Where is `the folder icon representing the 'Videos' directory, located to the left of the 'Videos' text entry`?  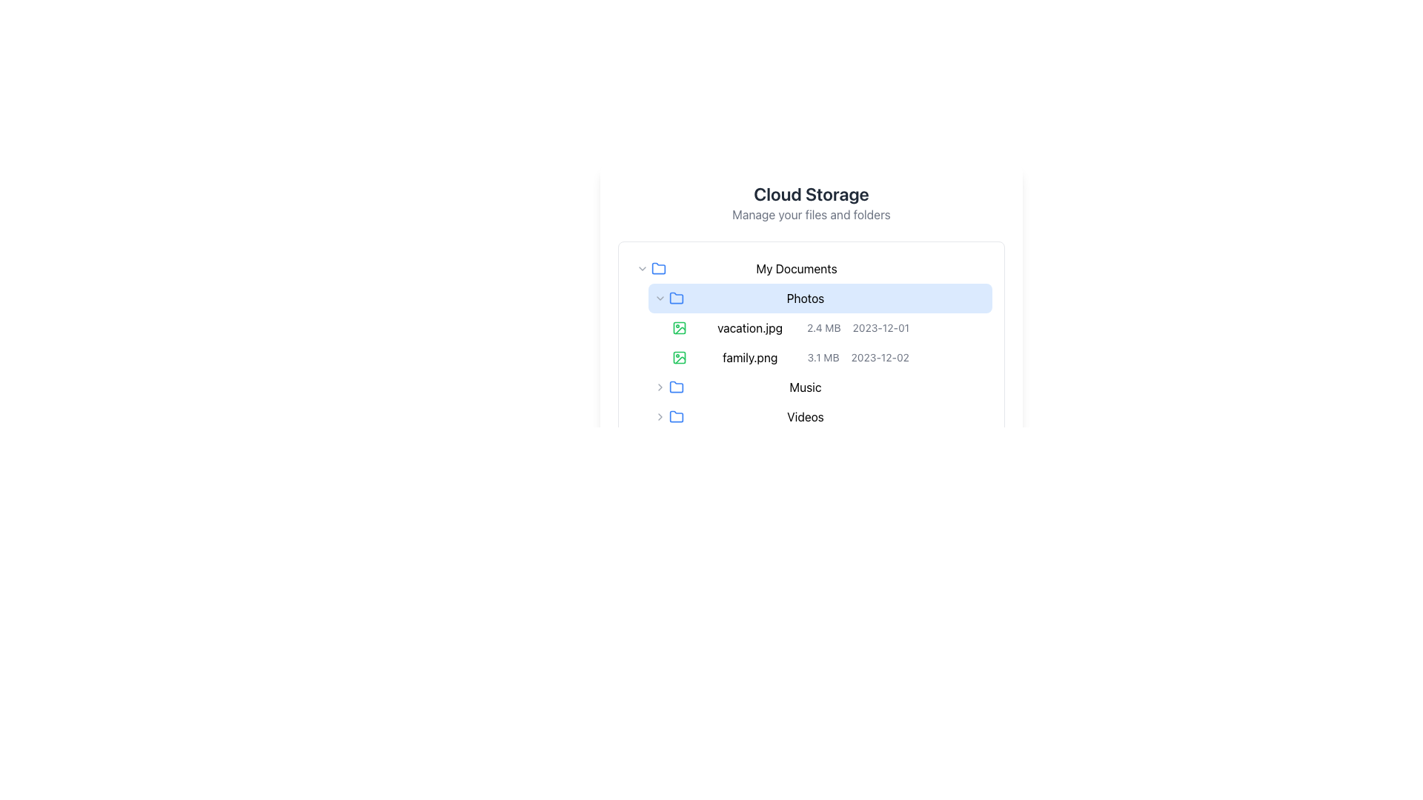 the folder icon representing the 'Videos' directory, located to the left of the 'Videos' text entry is located at coordinates (675, 417).